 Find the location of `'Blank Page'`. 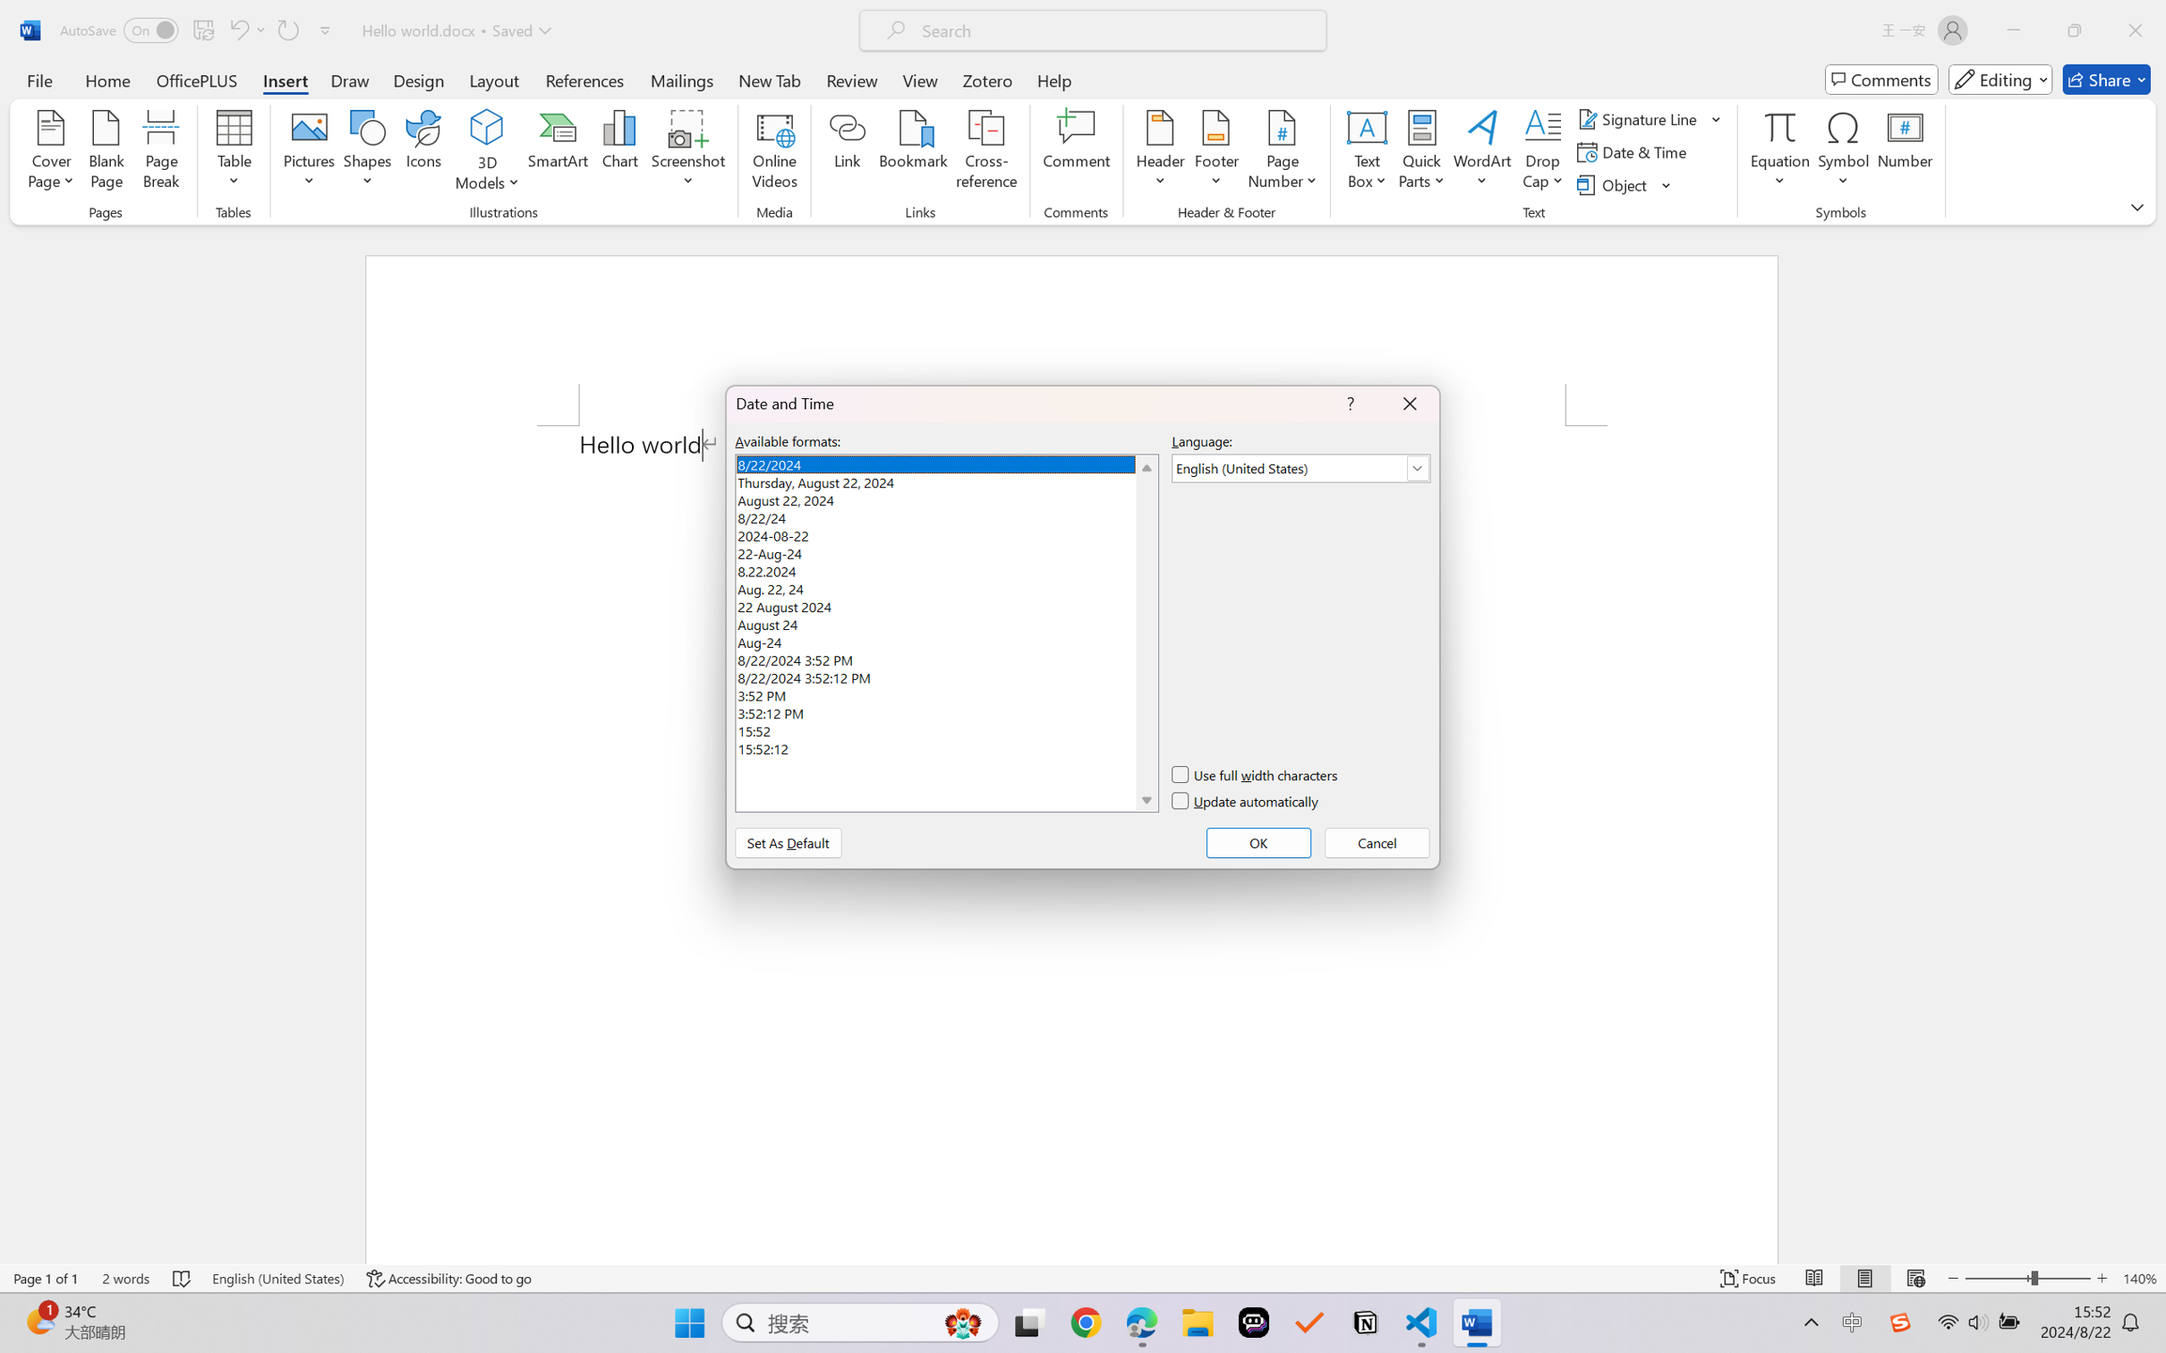

'Blank Page' is located at coordinates (105, 152).